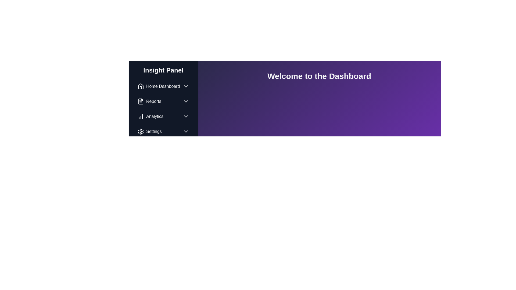 This screenshot has width=516, height=290. I want to click on the second button in the vertical navigation menu that leads to the 'Reports' section, so click(163, 102).